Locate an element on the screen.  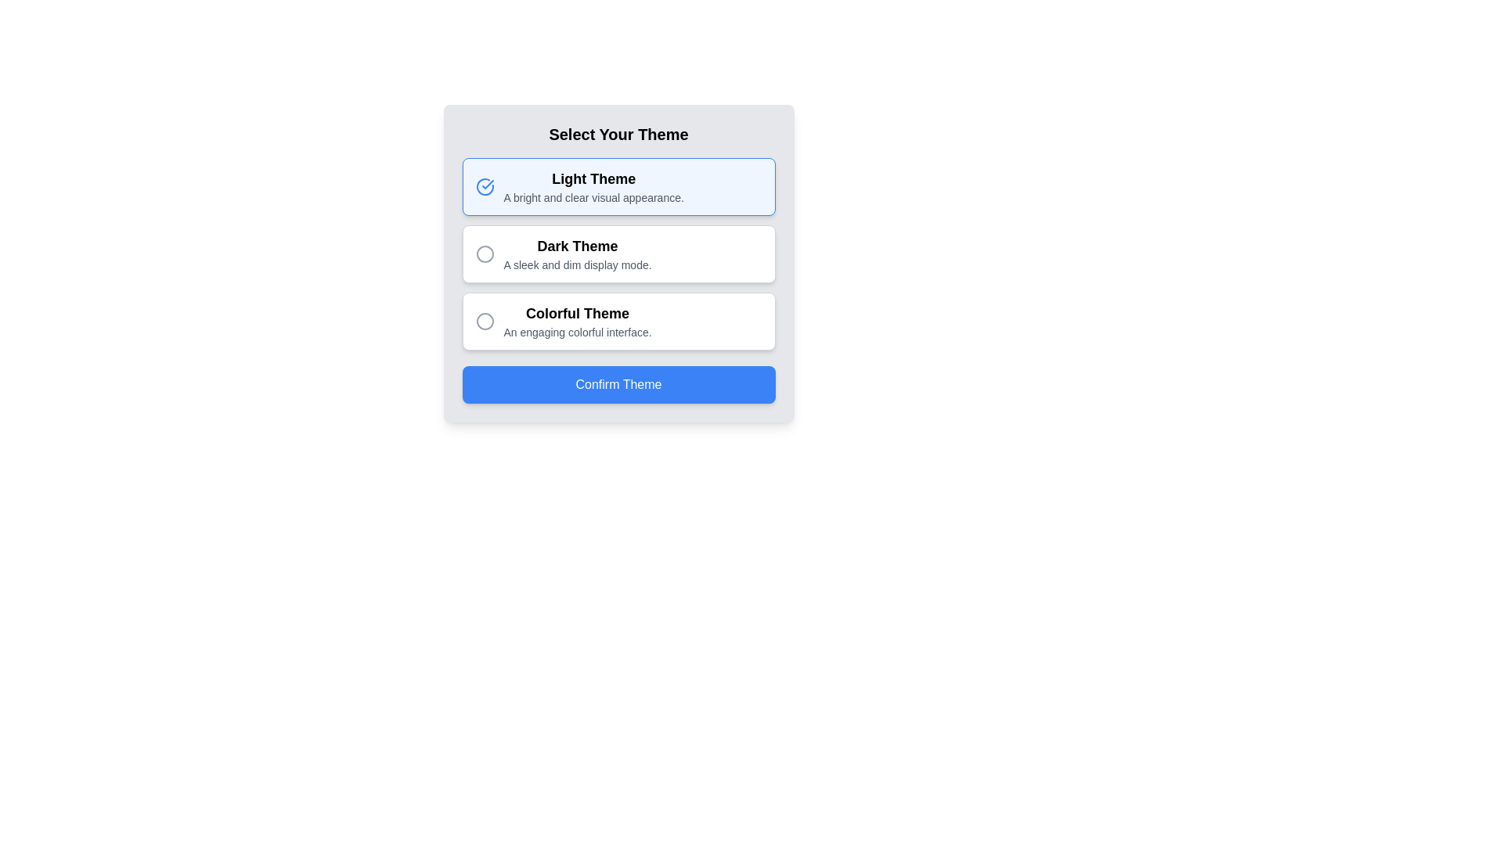
description of the 'Light Theme' option, which is the first text block in the vertical list of theme selections located just beneath the main heading 'Select Your Theme.' is located at coordinates (593, 186).